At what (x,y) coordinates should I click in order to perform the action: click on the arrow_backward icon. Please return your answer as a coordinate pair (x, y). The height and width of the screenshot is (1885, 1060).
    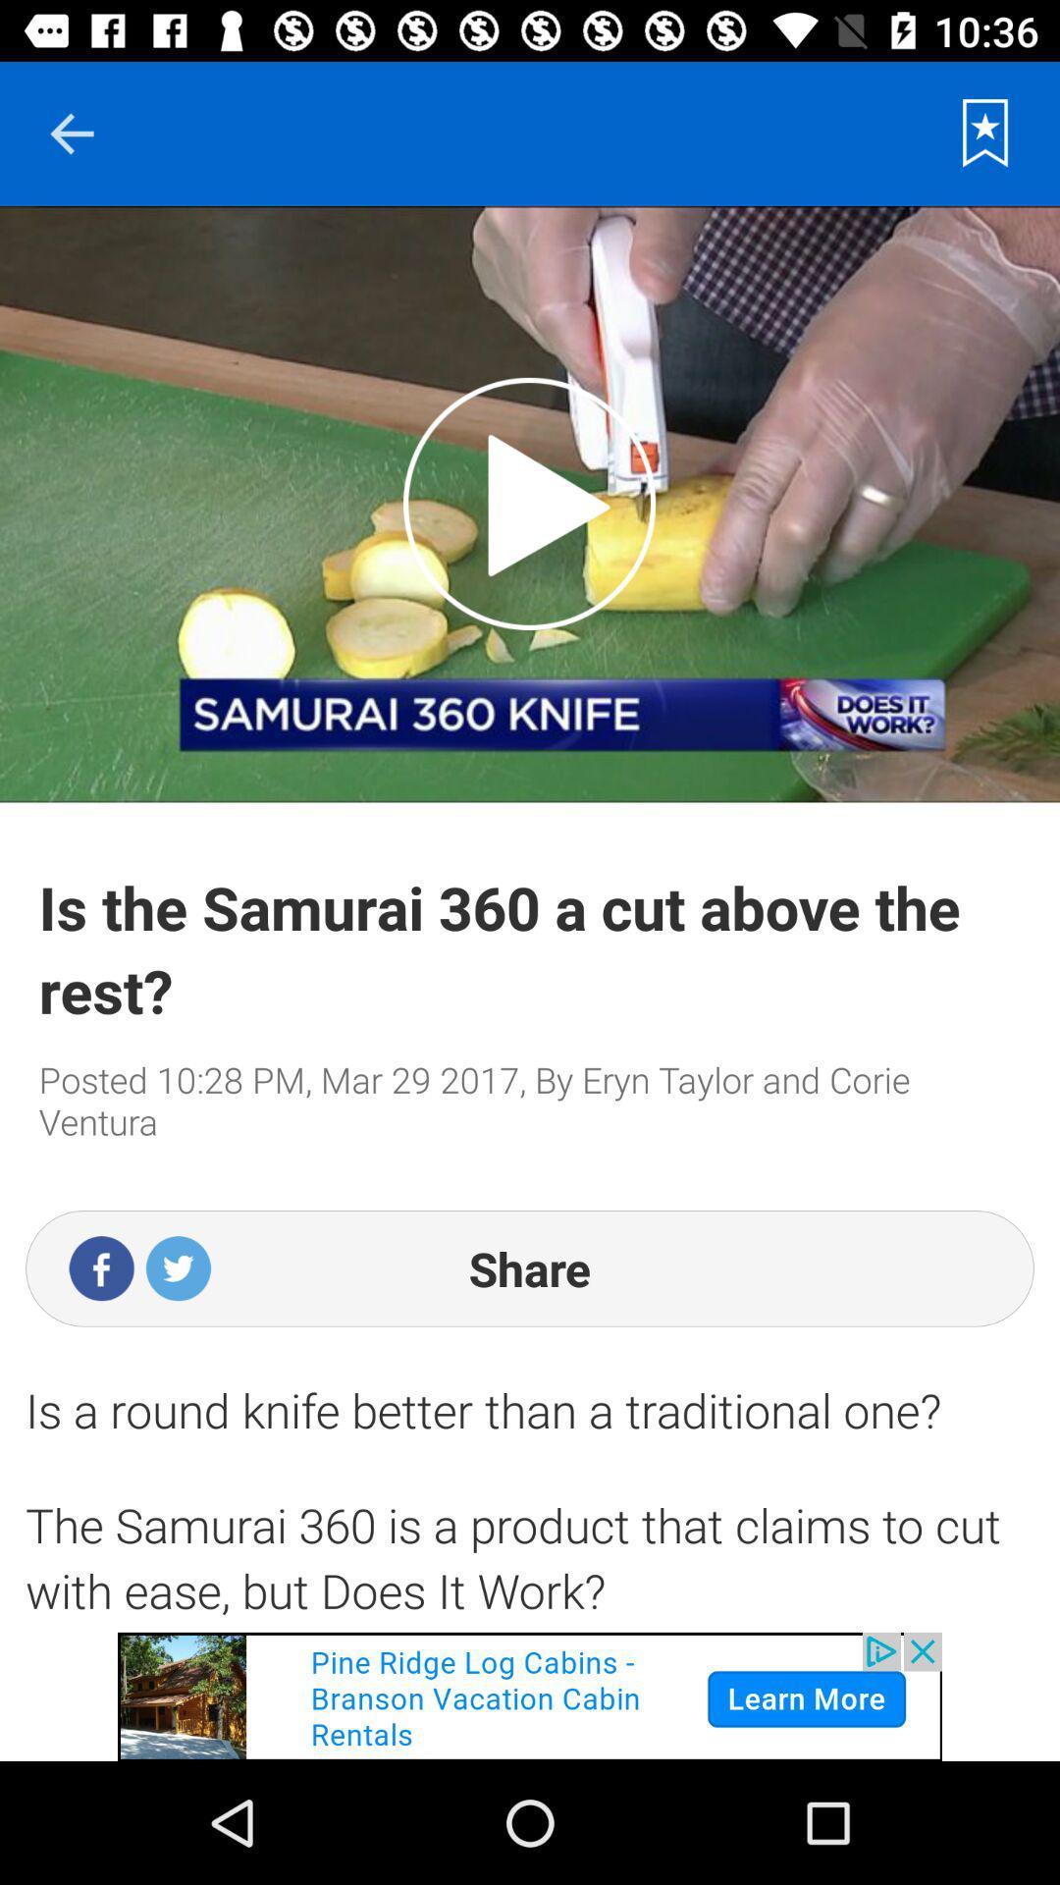
    Looking at the image, I should click on (71, 133).